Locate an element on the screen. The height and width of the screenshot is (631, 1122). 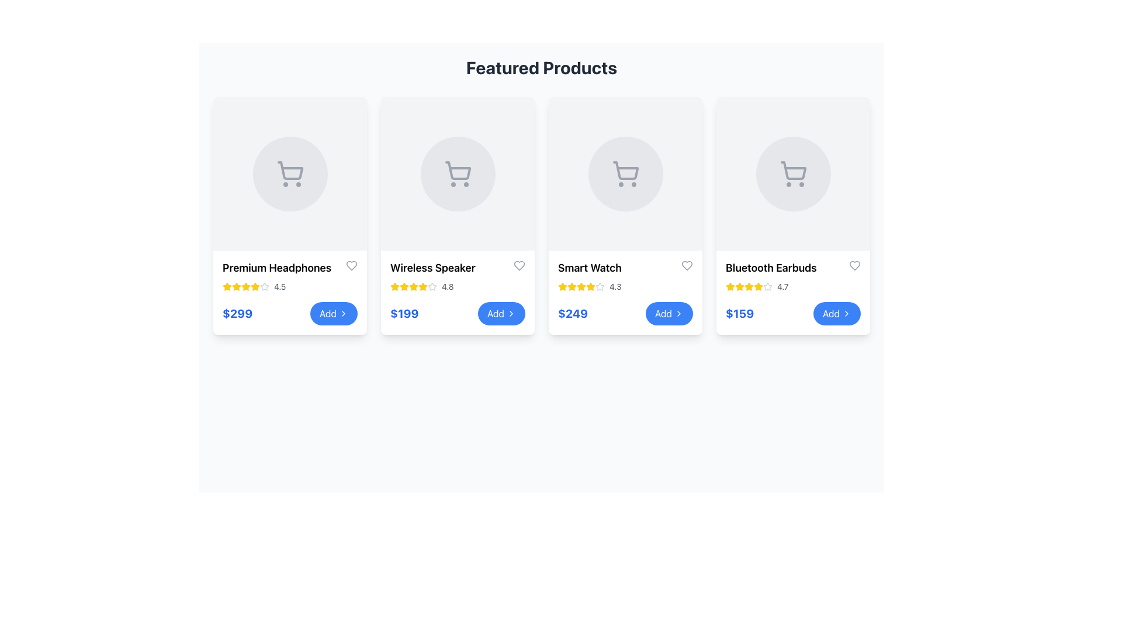
the heart icon located at the top-right corner of the product card for 'Bluetooth Earbuds' to favorite the product is located at coordinates (855, 266).